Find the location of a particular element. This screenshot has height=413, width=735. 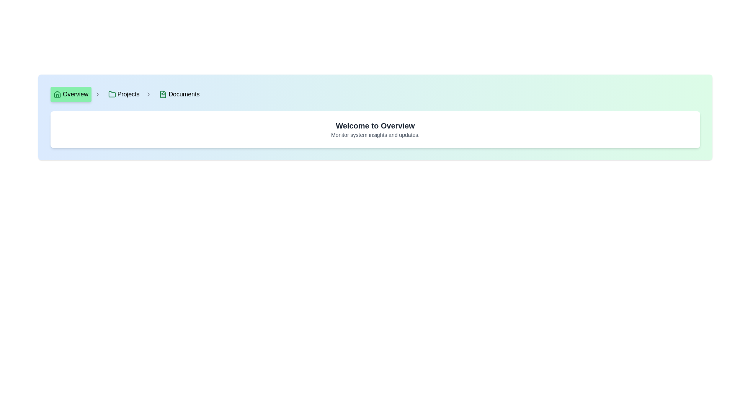

heading text element located at the top of the content section, which indicates the purpose or title of the section is located at coordinates (375, 125).